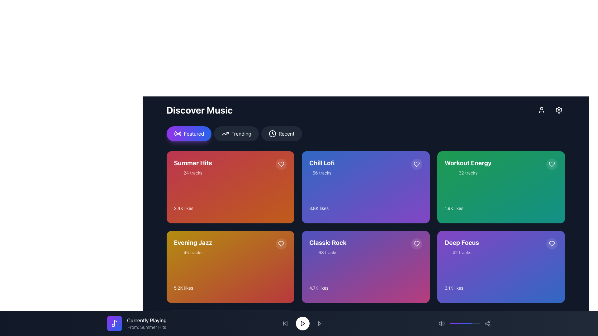  Describe the element at coordinates (272, 133) in the screenshot. I see `circular element representing the clock symbol for the 'Recent' functionality located to the right of the 'Trending' button in the top navigation bar` at that location.